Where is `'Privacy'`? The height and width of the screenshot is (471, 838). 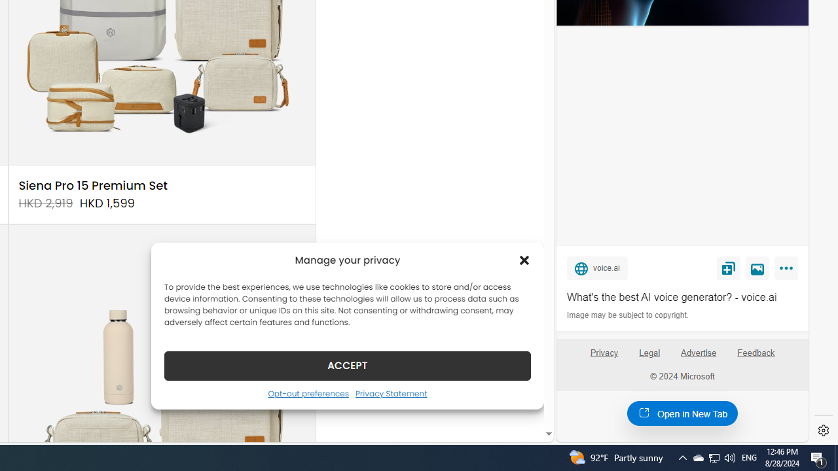
'Privacy' is located at coordinates (603, 358).